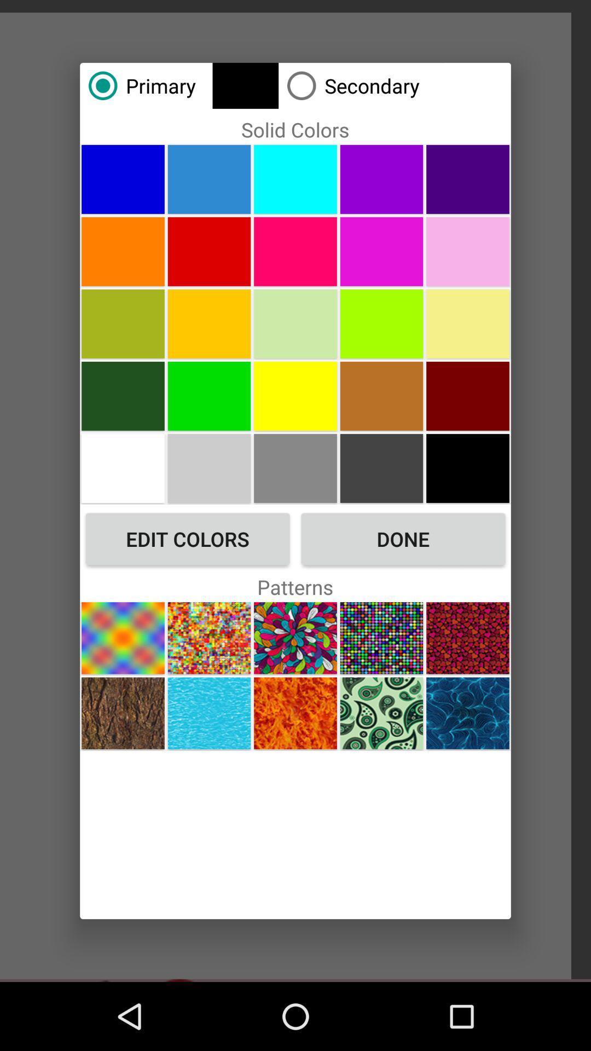  Describe the element at coordinates (381, 638) in the screenshot. I see `this pattern` at that location.